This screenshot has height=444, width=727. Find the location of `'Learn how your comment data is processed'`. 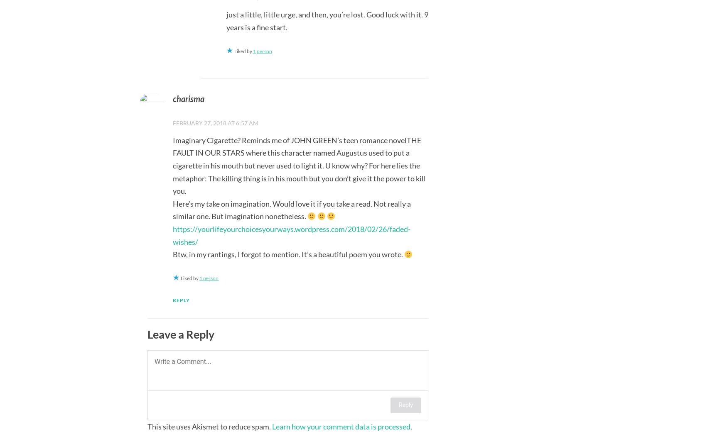

'Learn how your comment data is processed' is located at coordinates (272, 426).